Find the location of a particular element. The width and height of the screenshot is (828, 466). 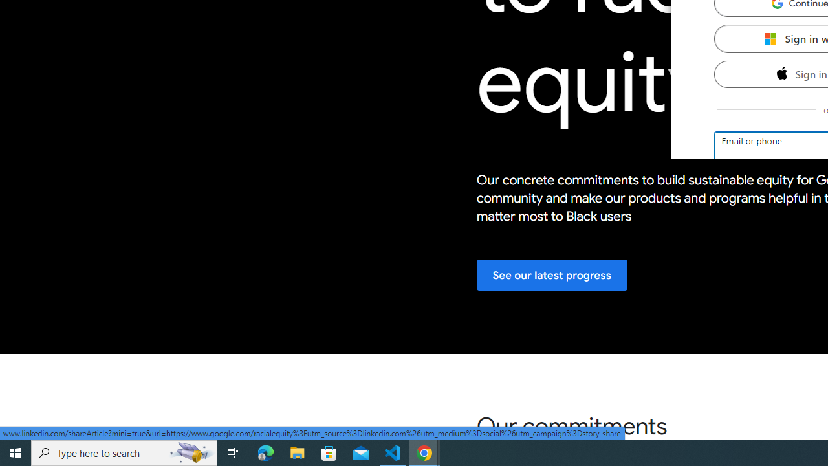

'Microsoft' is located at coordinates (770, 38).